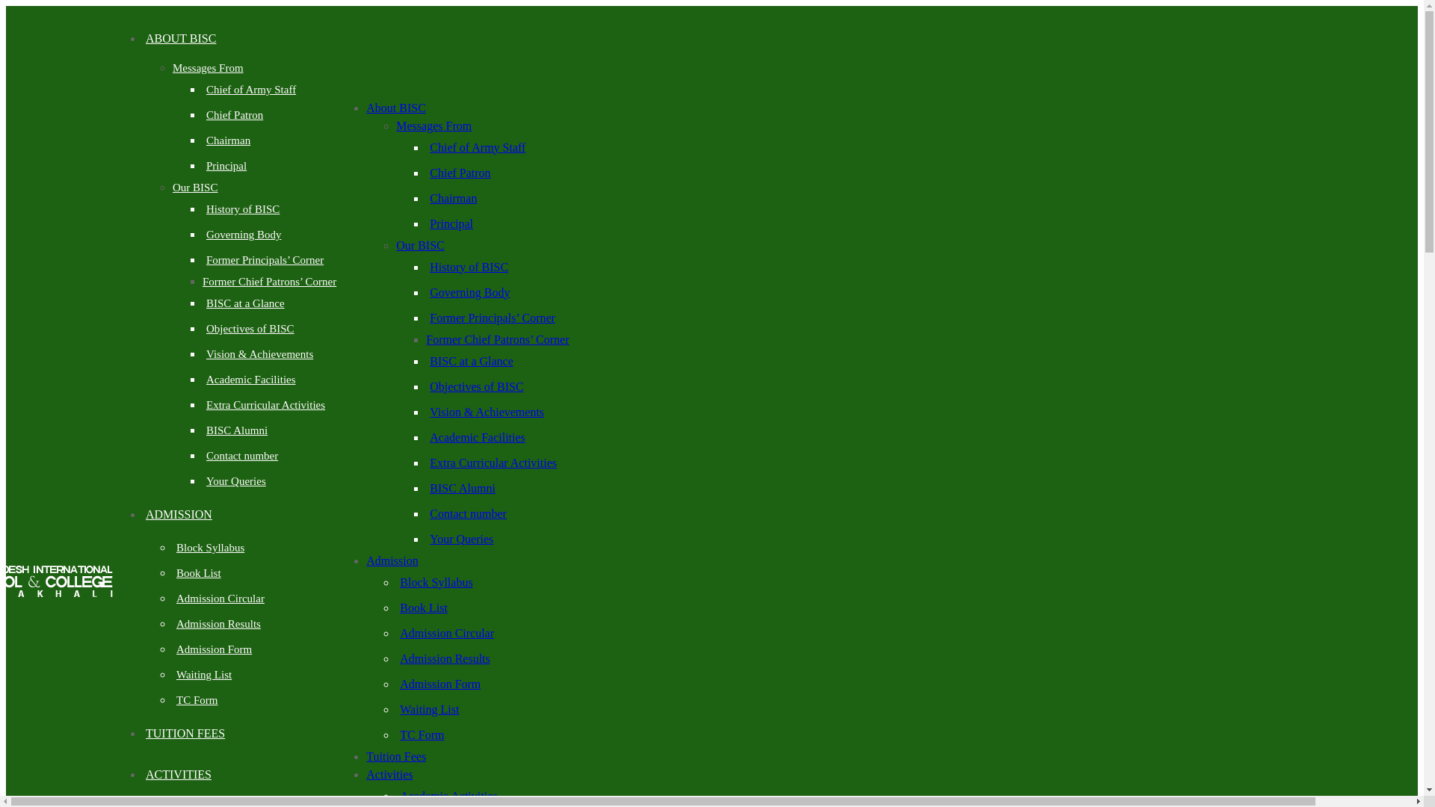 The image size is (1435, 807). Describe the element at coordinates (179, 513) in the screenshot. I see `'ADMISSION'` at that location.